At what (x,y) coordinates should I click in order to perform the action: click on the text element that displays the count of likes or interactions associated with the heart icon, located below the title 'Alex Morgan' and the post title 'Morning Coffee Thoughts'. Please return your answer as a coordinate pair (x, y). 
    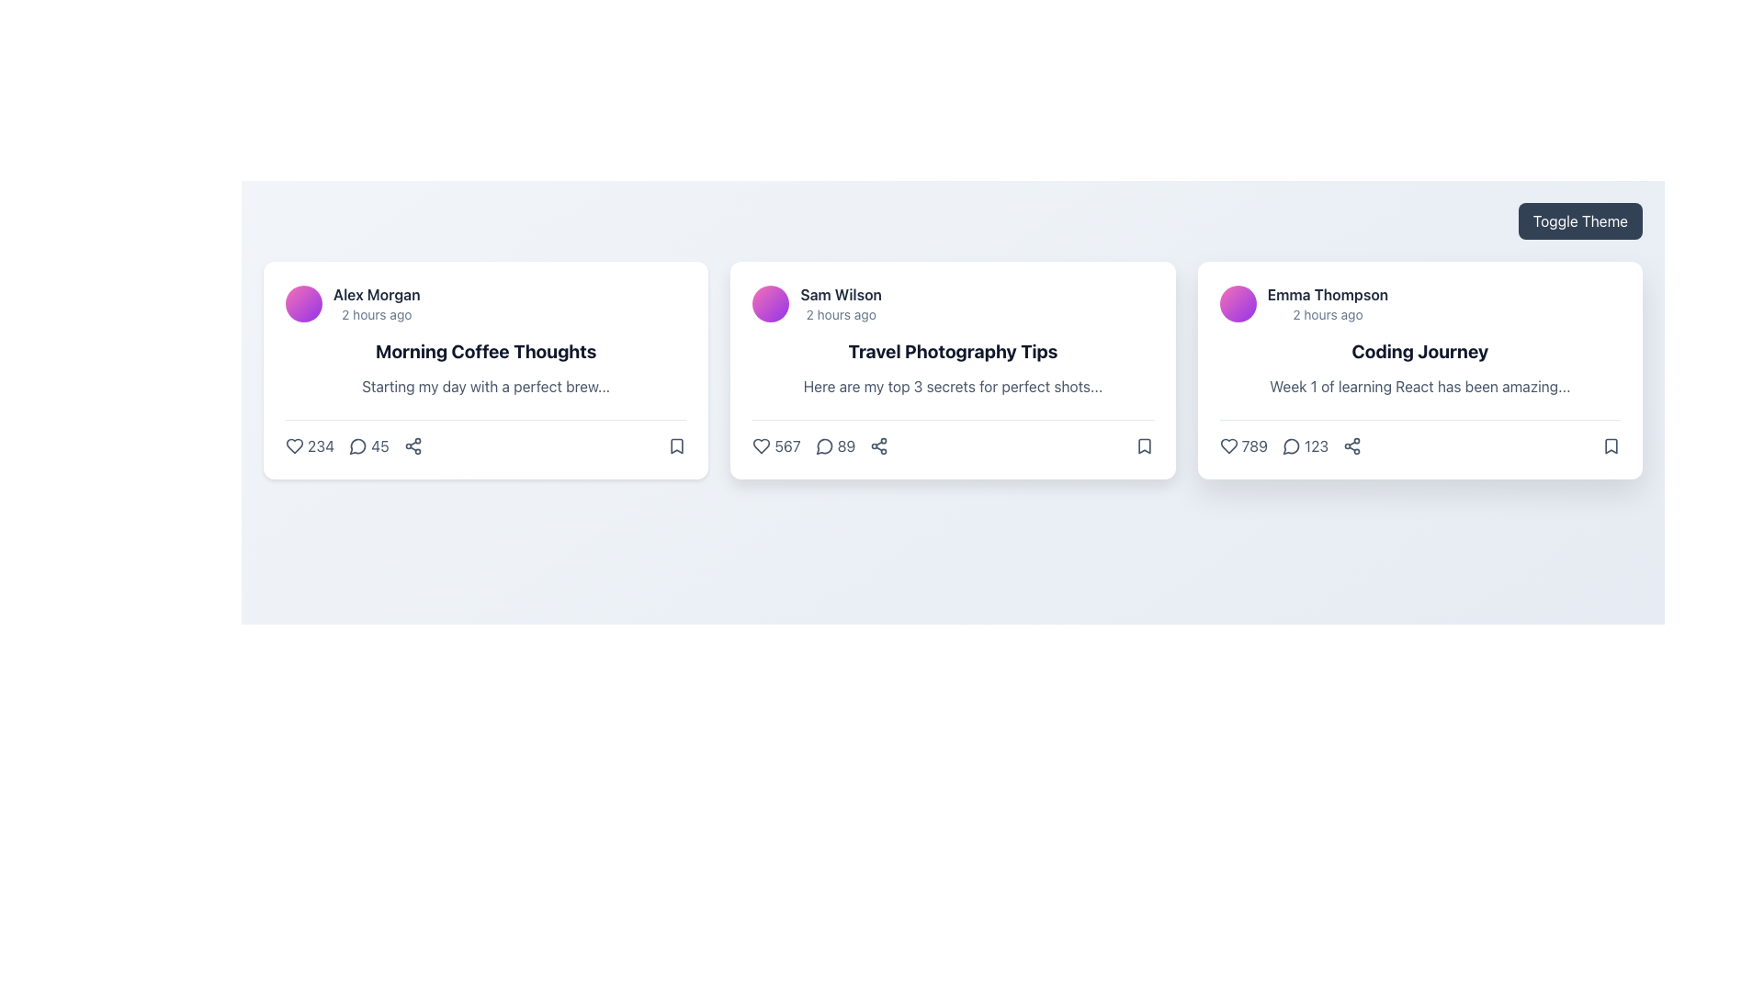
    Looking at the image, I should click on (321, 446).